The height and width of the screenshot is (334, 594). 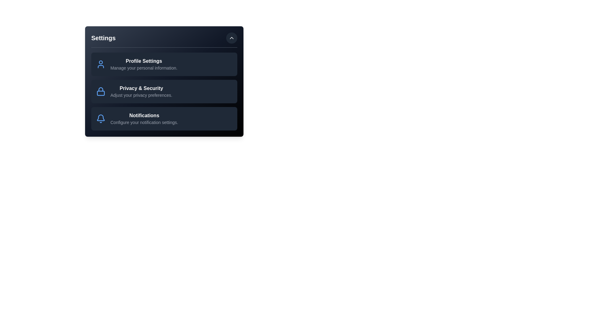 I want to click on the settings category Privacy & Security by clicking on its corresponding list item, so click(x=164, y=92).